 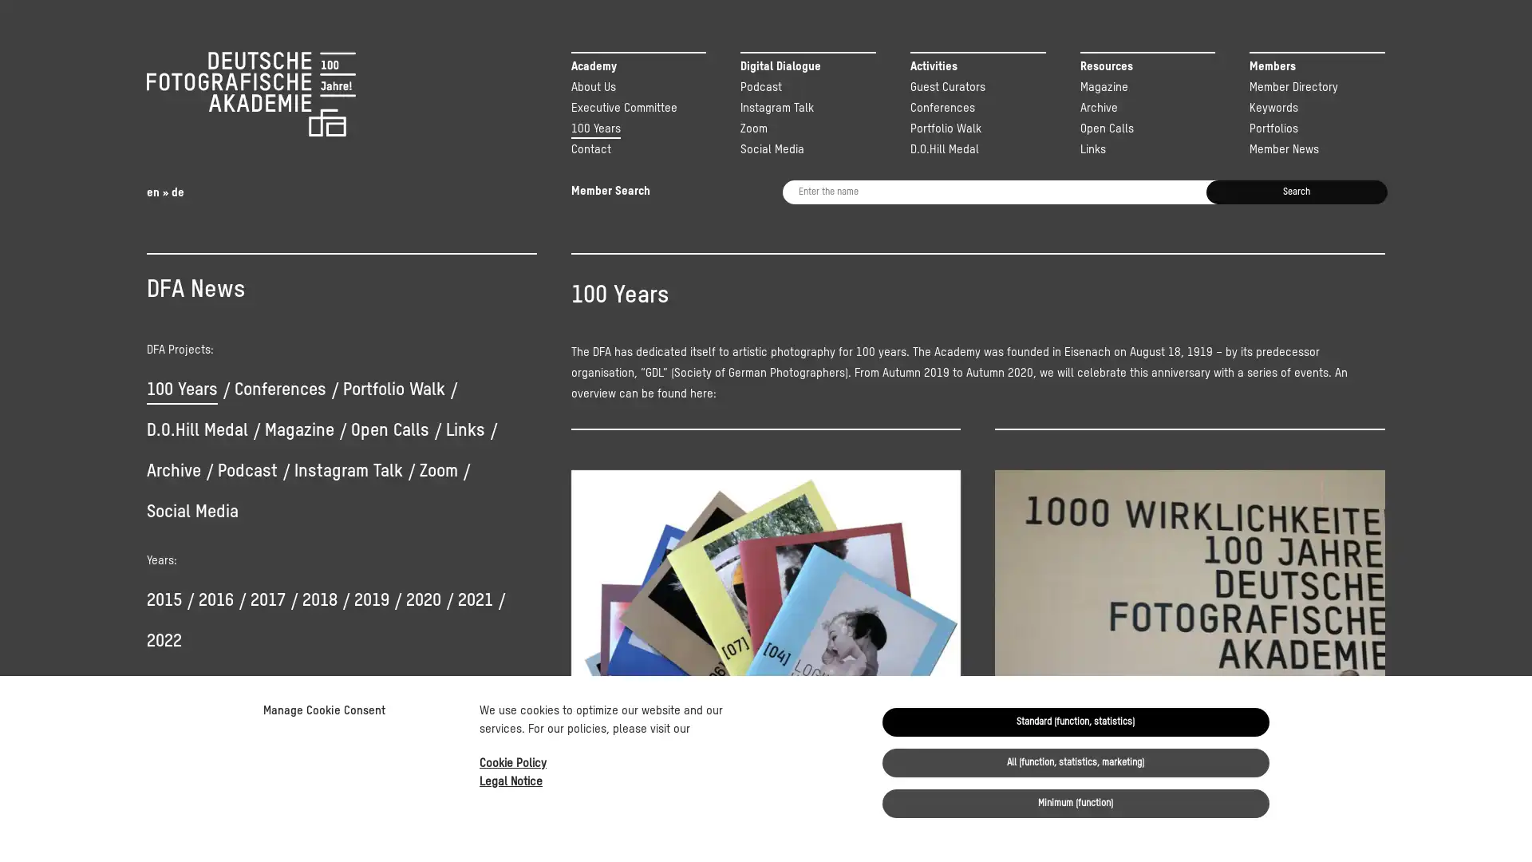 What do you see at coordinates (268, 600) in the screenshot?
I see `2017` at bounding box center [268, 600].